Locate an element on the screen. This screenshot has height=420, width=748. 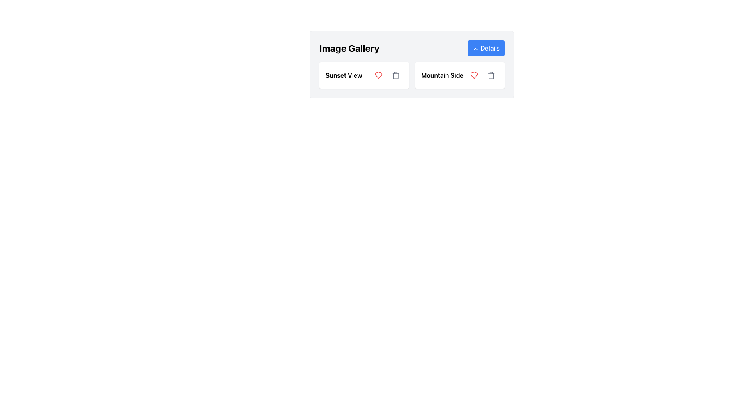
the trash can icon button located in the 'Image Gallery' section next to the 'Sunset View' label is located at coordinates (395, 75).